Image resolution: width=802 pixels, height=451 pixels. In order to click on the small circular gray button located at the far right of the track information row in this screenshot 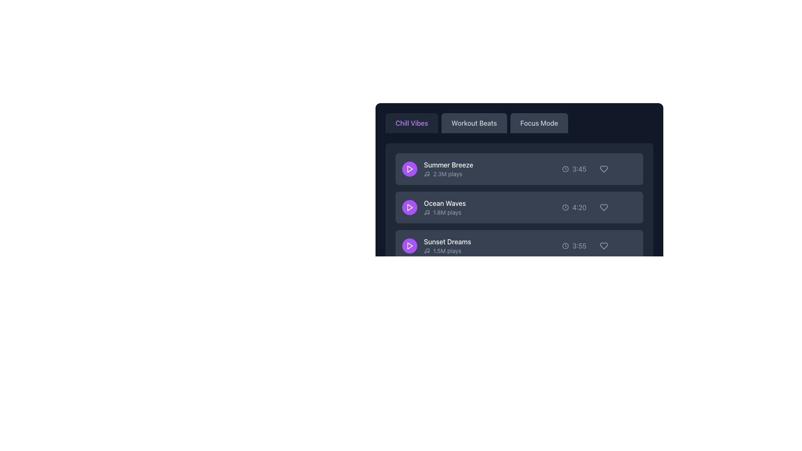, I will do `click(629, 246)`.